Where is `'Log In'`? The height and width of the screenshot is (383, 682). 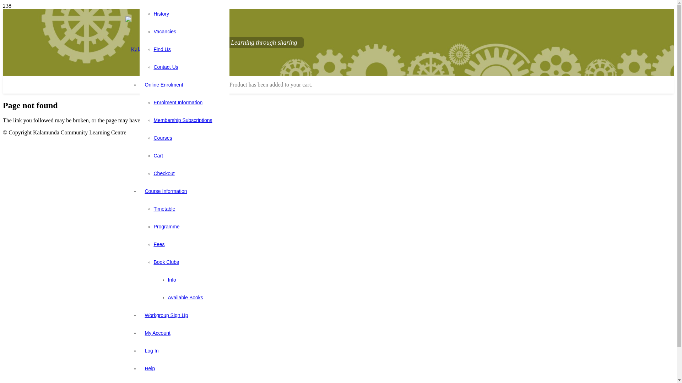
'Log In' is located at coordinates (151, 350).